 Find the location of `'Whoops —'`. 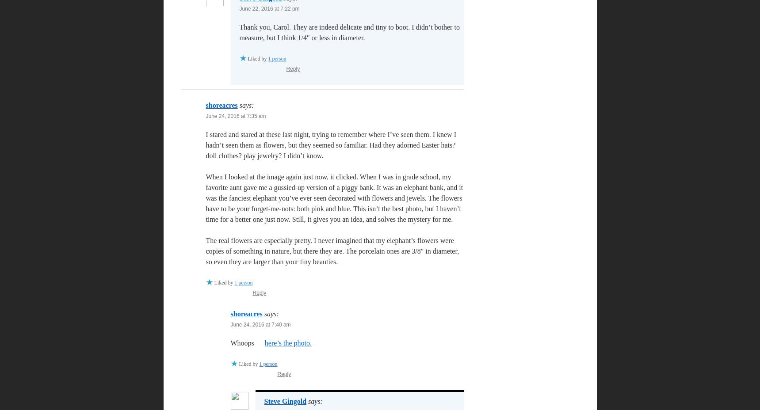

'Whoops —' is located at coordinates (247, 342).